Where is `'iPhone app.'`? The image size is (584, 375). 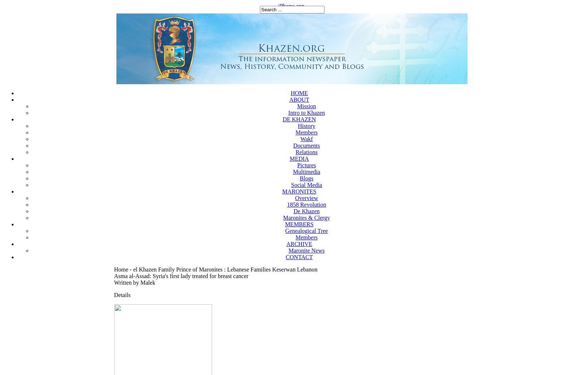 'iPhone app.' is located at coordinates (292, 6).